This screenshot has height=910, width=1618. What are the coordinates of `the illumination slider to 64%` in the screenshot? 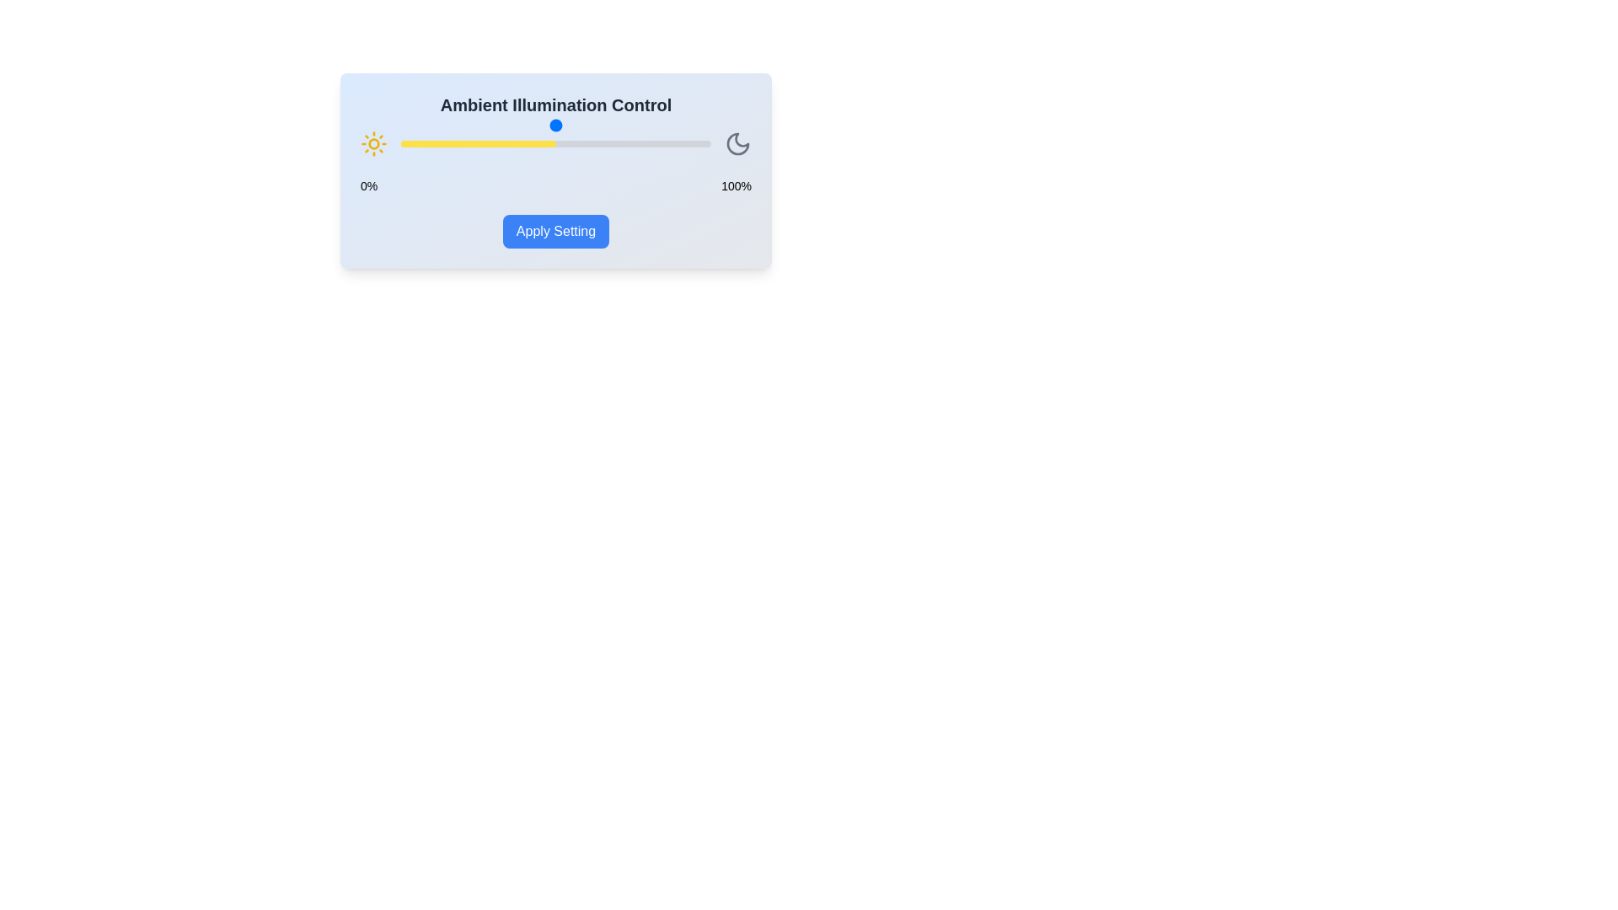 It's located at (599, 142).